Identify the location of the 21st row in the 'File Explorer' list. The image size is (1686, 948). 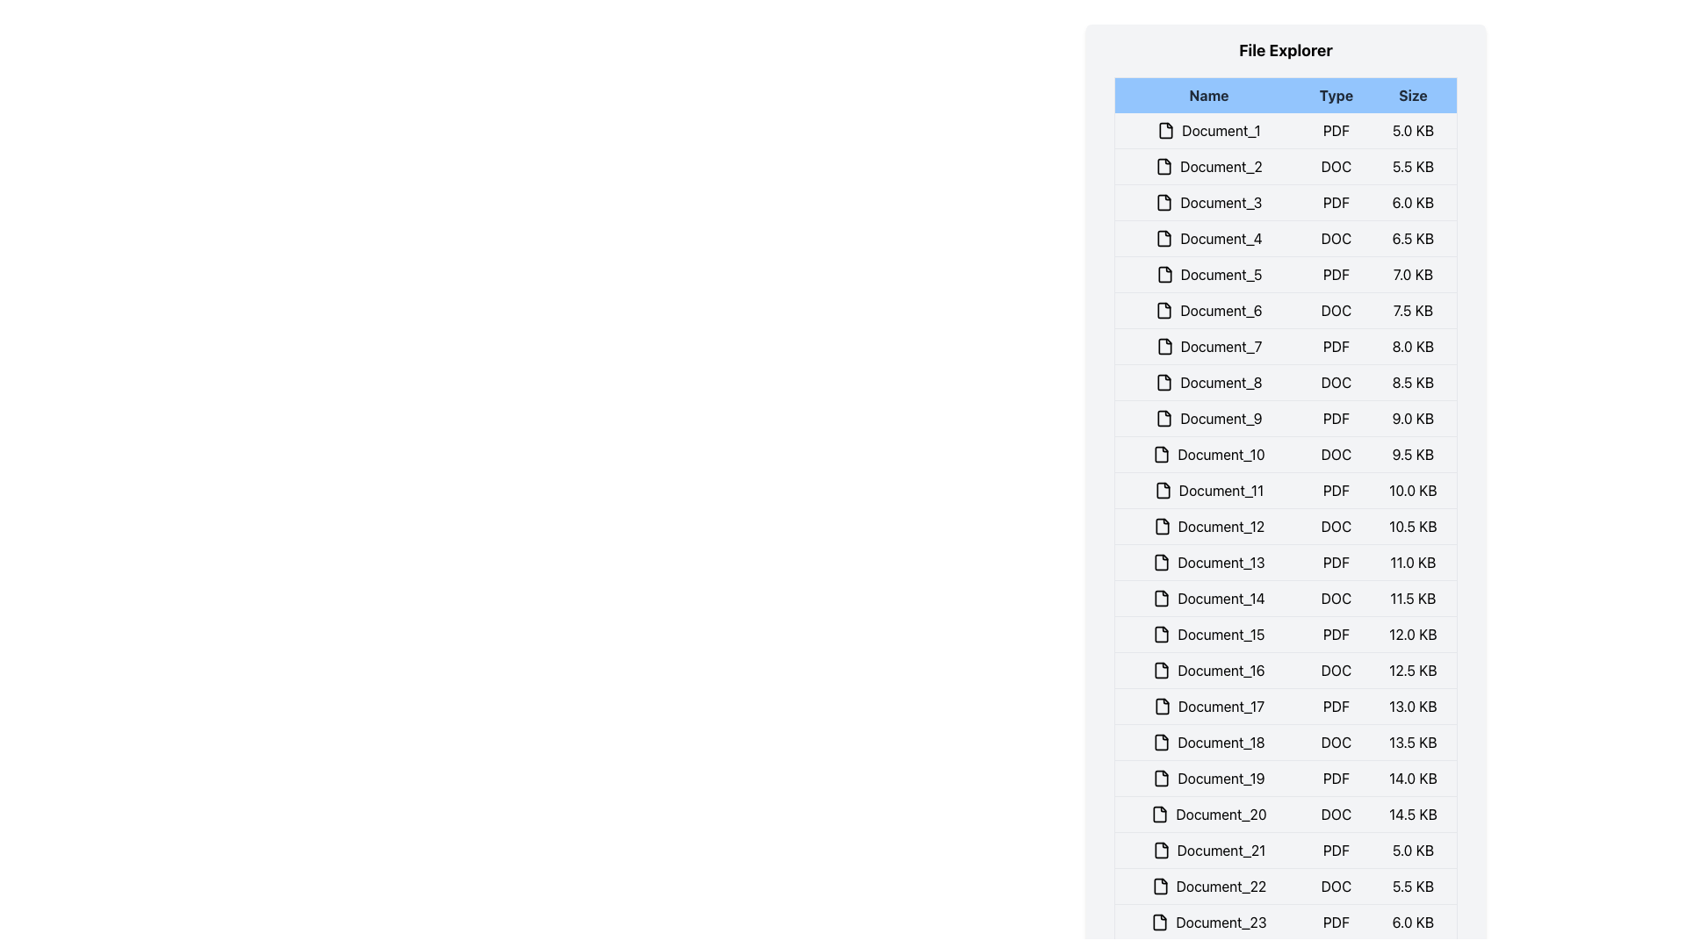
(1286, 849).